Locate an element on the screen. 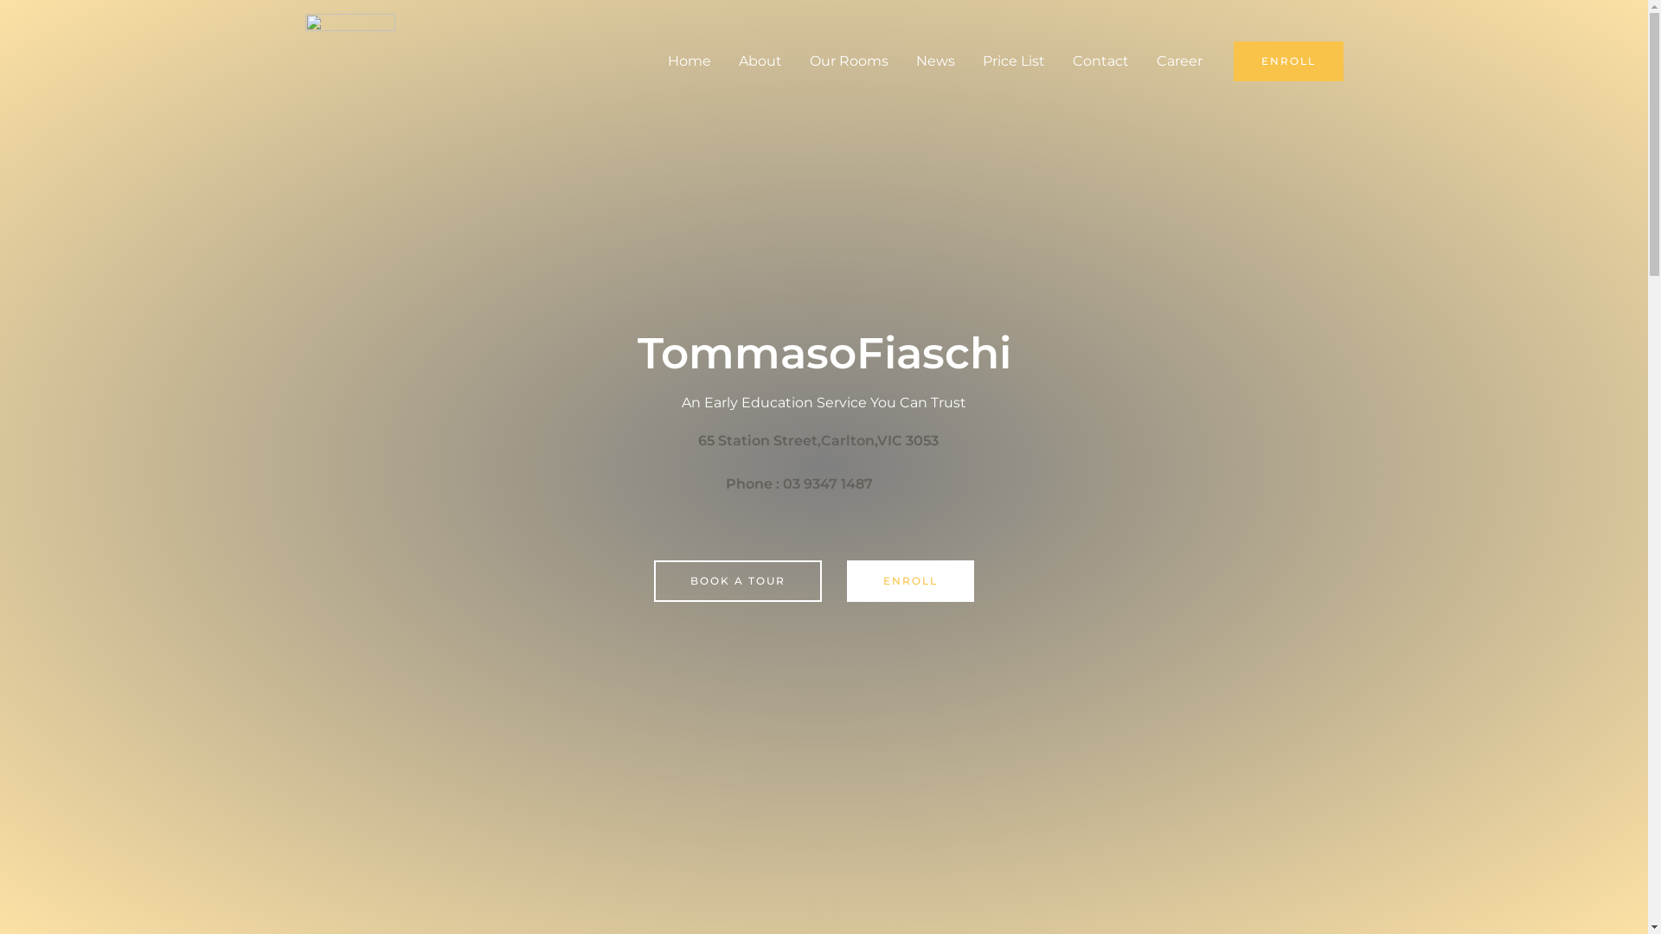 The image size is (1661, 934). 'ENROLL' is located at coordinates (909, 580).